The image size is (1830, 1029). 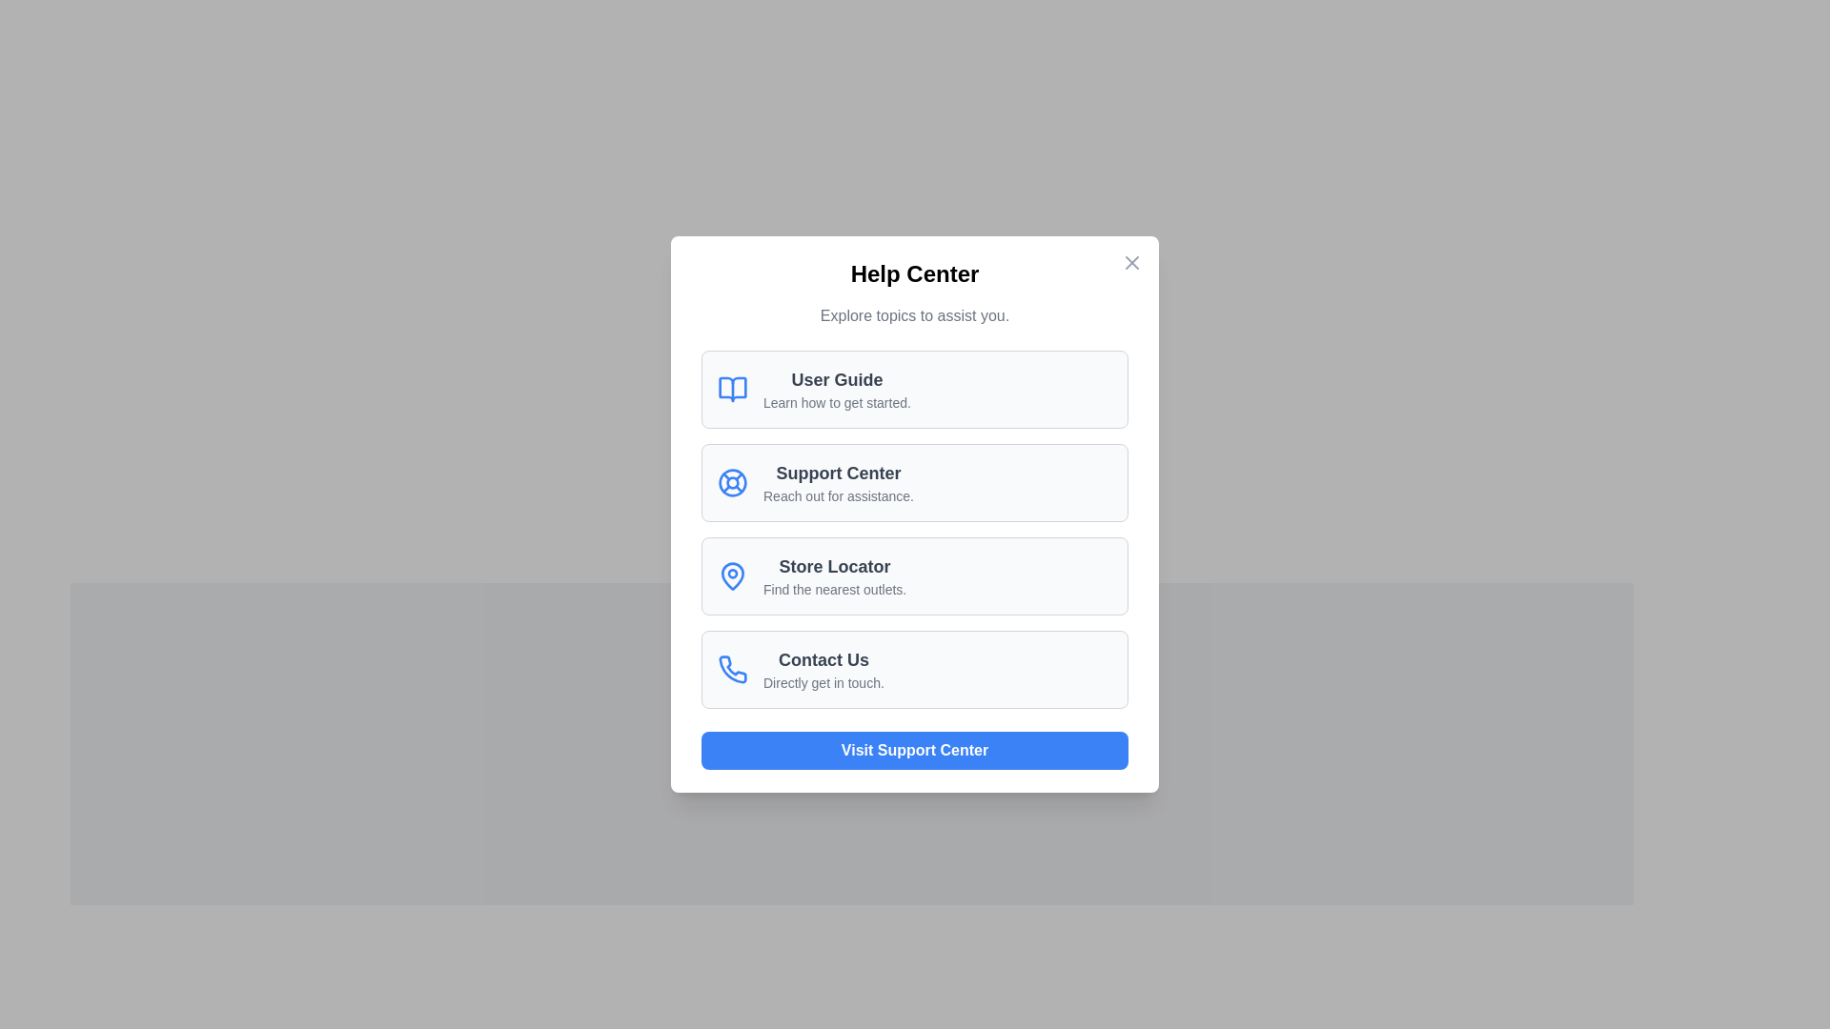 I want to click on or modify the SVG properties of the blue phone icon located to the left of the 'Contact Us' text in the Help Center interface, so click(x=731, y=668).